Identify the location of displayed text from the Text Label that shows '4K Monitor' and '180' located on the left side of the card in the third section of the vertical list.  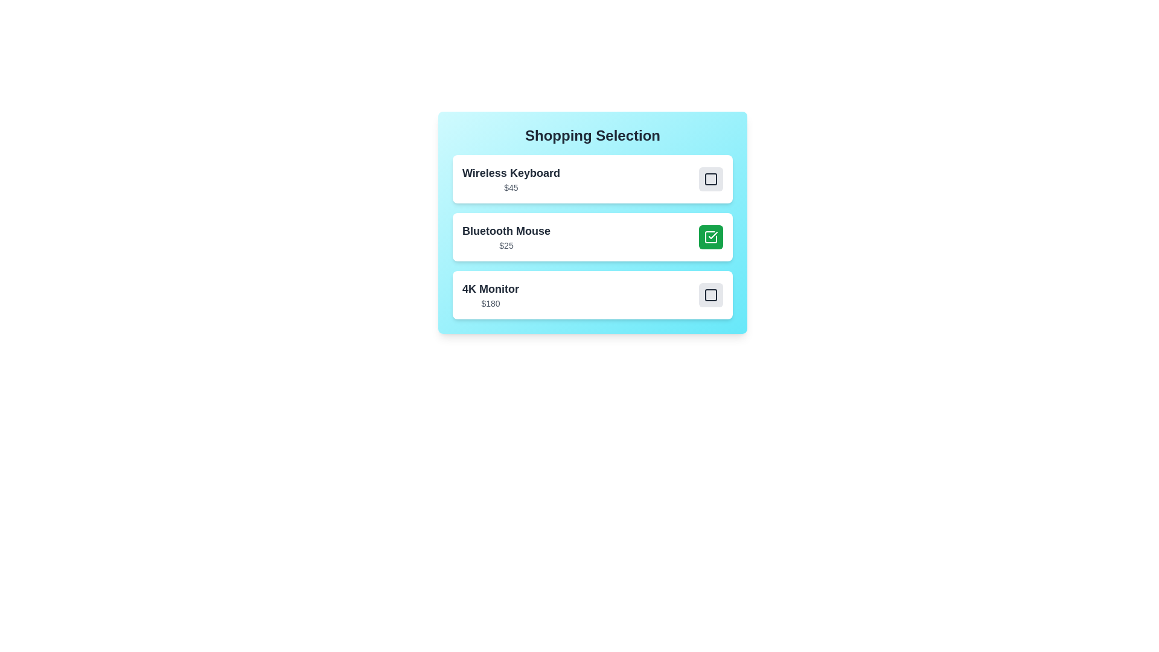
(490, 295).